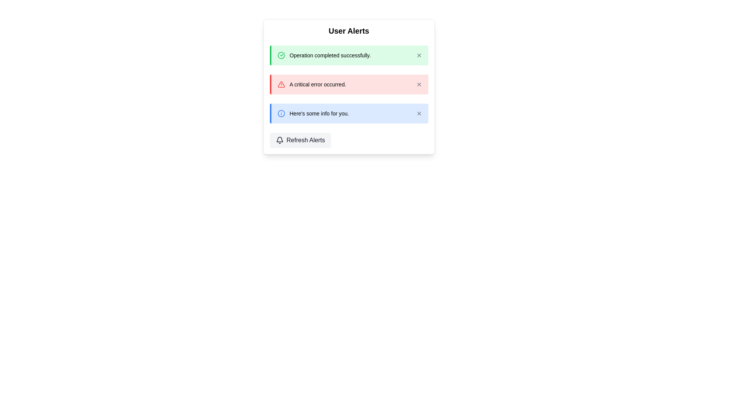 The image size is (735, 413). Describe the element at coordinates (319, 114) in the screenshot. I see `the informational Text Label located in the third entry of the alert list within the 'User Alerts' section, positioned to the right of a blue info icon and slightly above the dismiss button` at that location.